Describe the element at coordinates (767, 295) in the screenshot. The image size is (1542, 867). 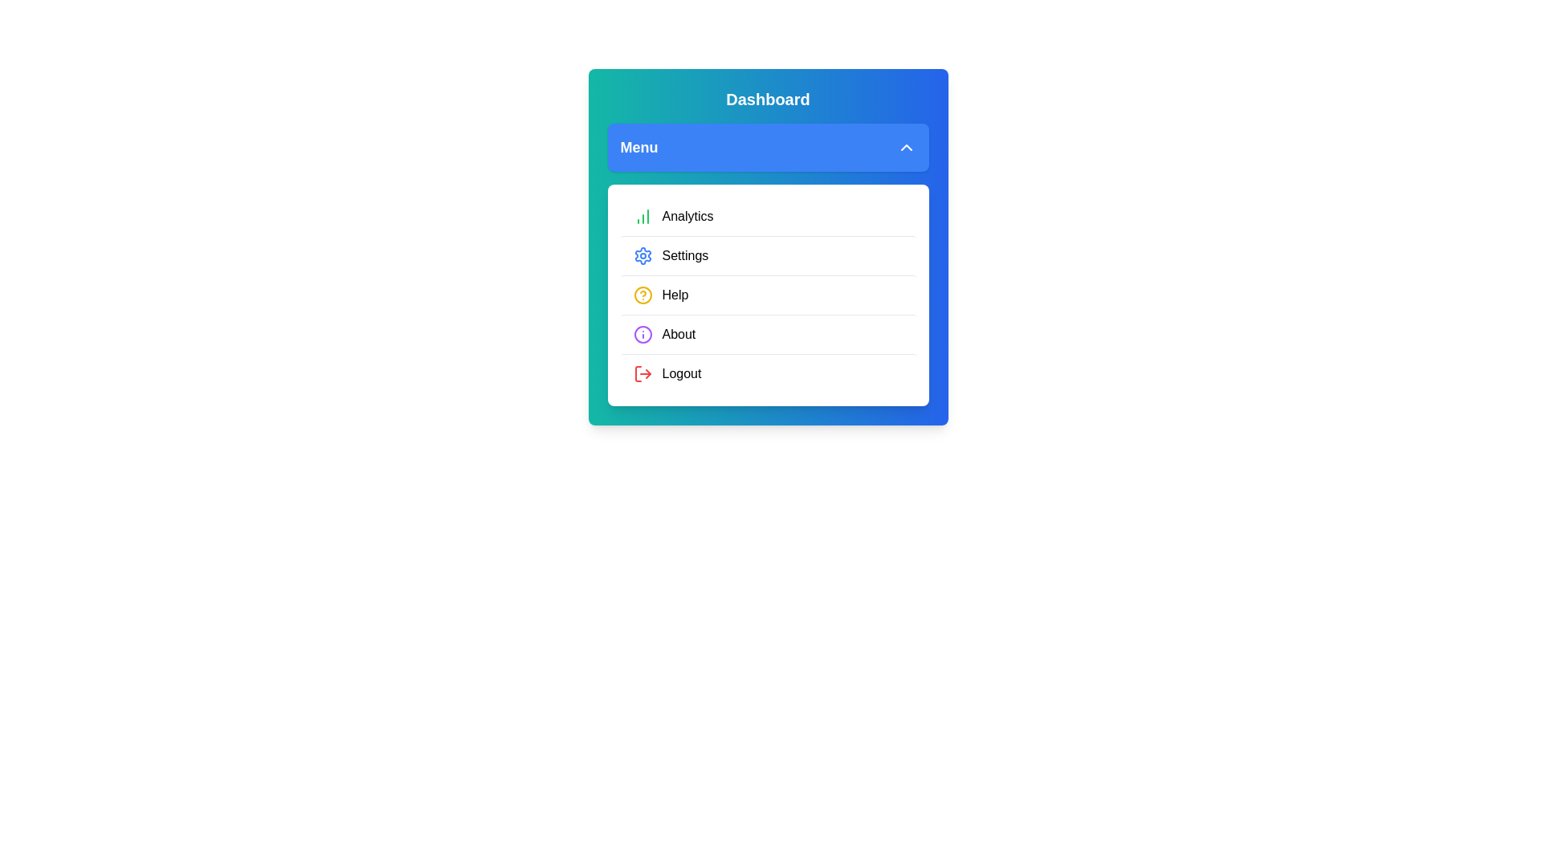
I see `the third menu item in the vertical list, located between 'Settings' and 'About'` at that location.